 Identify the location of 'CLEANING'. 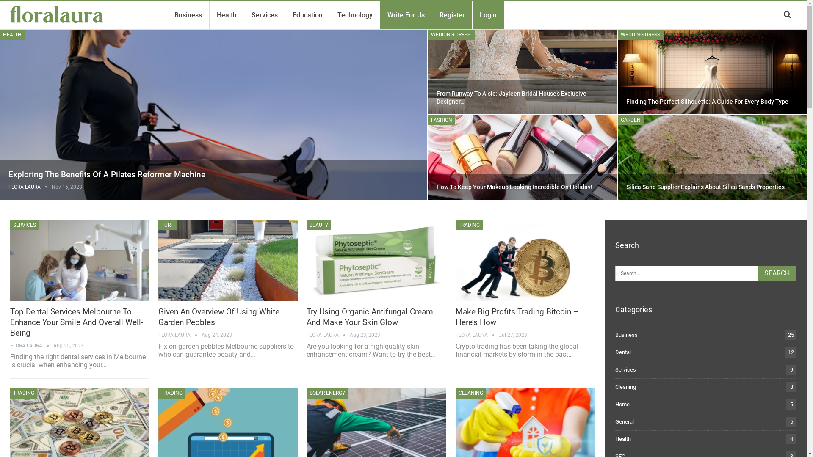
(455, 393).